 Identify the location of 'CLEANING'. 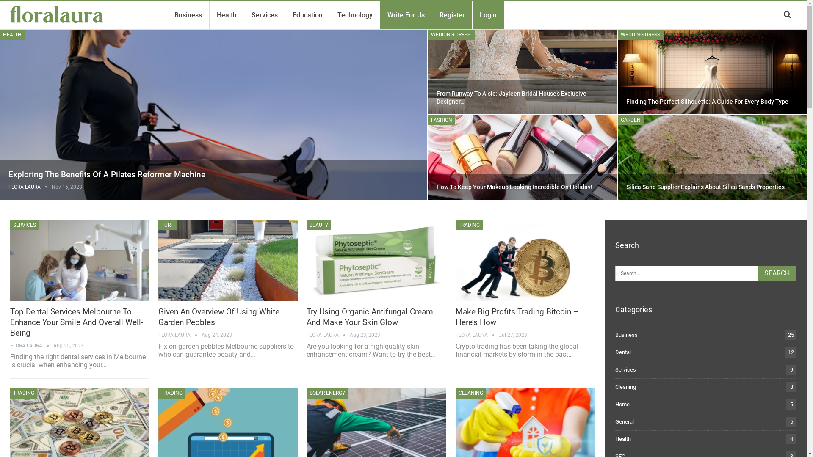
(455, 393).